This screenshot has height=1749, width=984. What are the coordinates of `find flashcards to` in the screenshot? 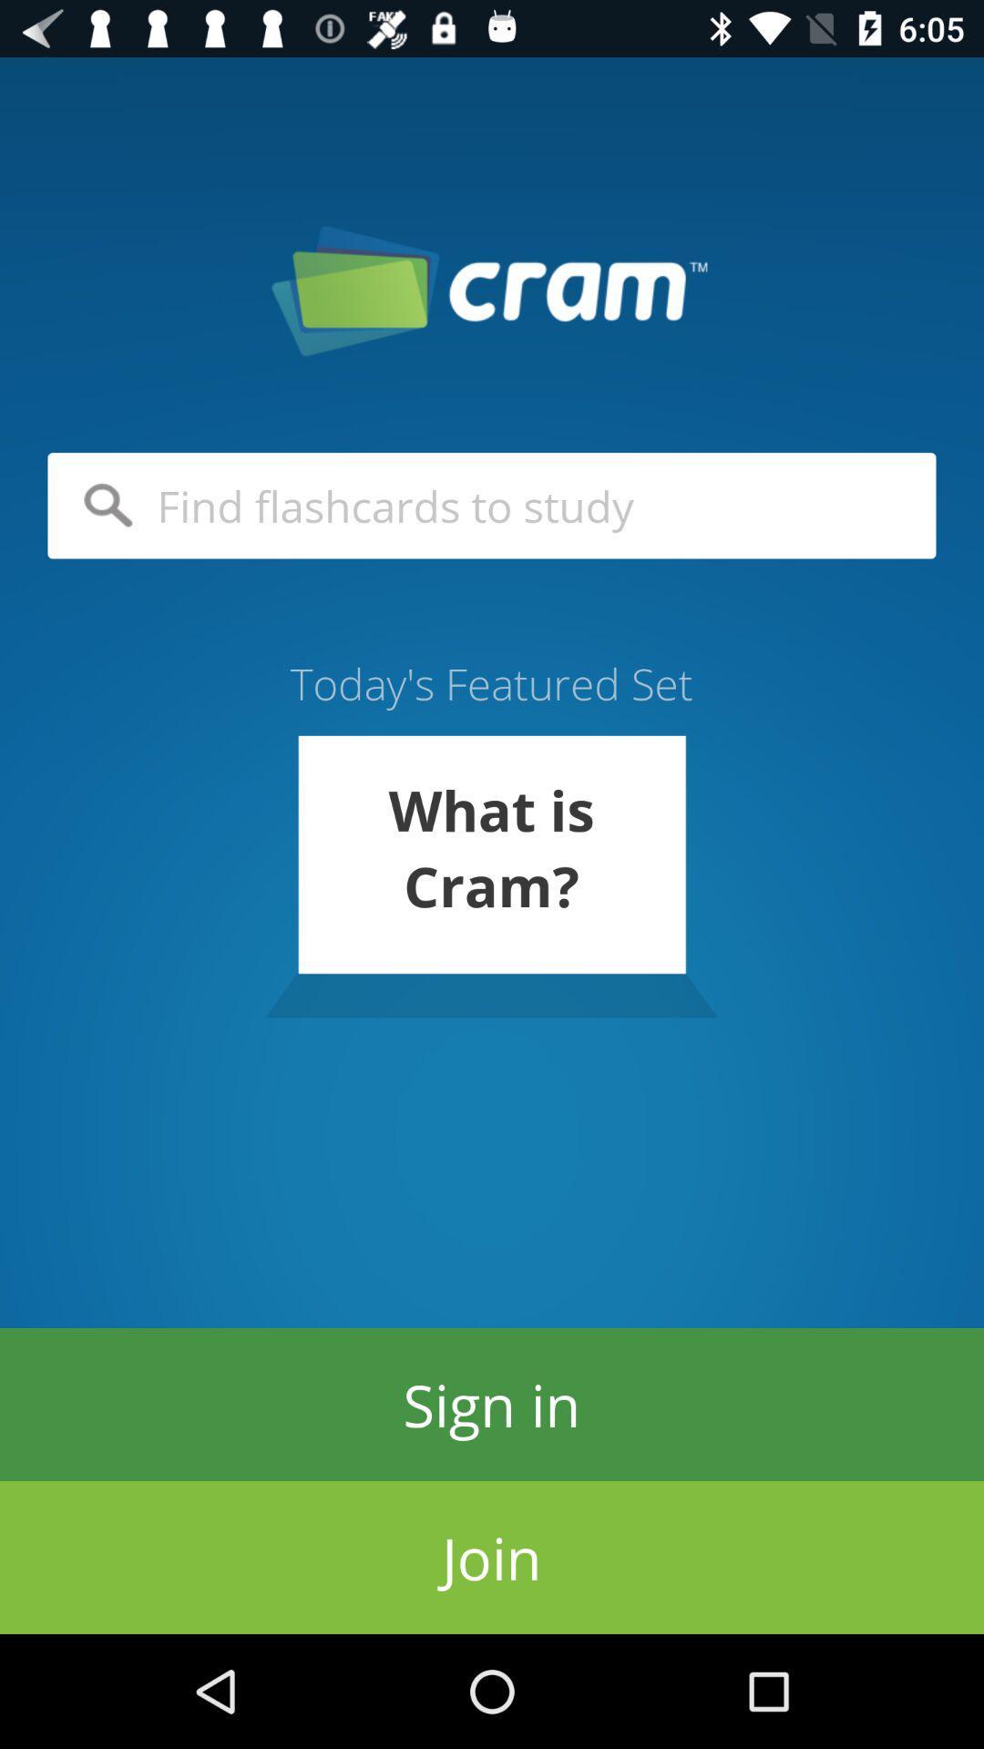 It's located at (492, 506).